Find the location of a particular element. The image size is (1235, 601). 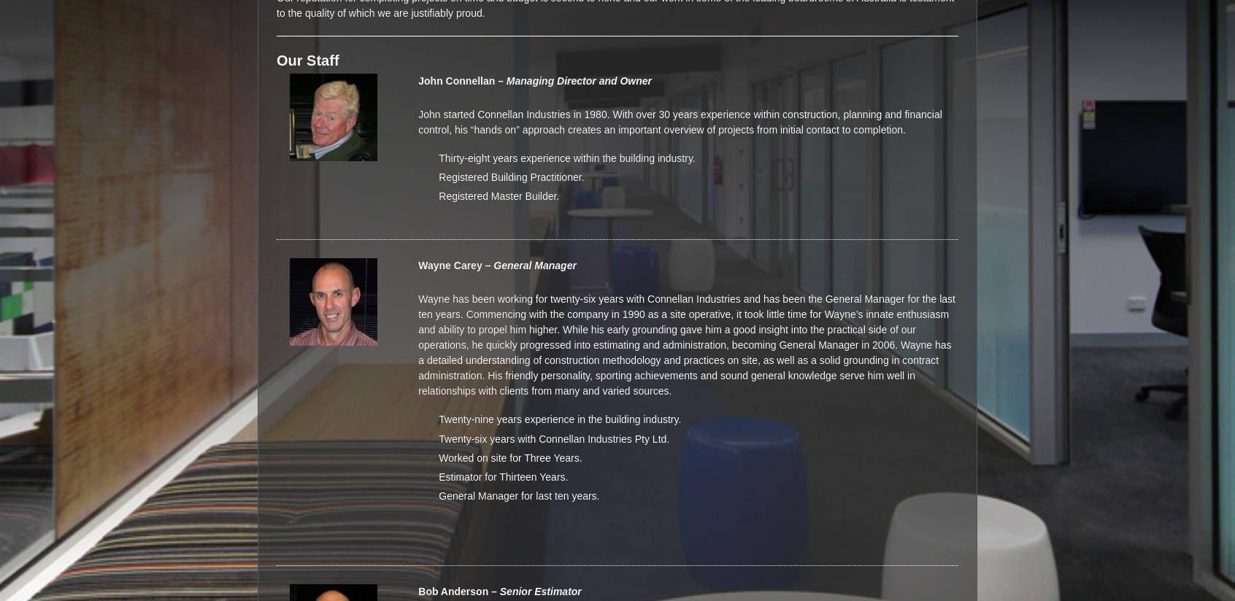

'General Manager for last ten years.' is located at coordinates (518, 495).